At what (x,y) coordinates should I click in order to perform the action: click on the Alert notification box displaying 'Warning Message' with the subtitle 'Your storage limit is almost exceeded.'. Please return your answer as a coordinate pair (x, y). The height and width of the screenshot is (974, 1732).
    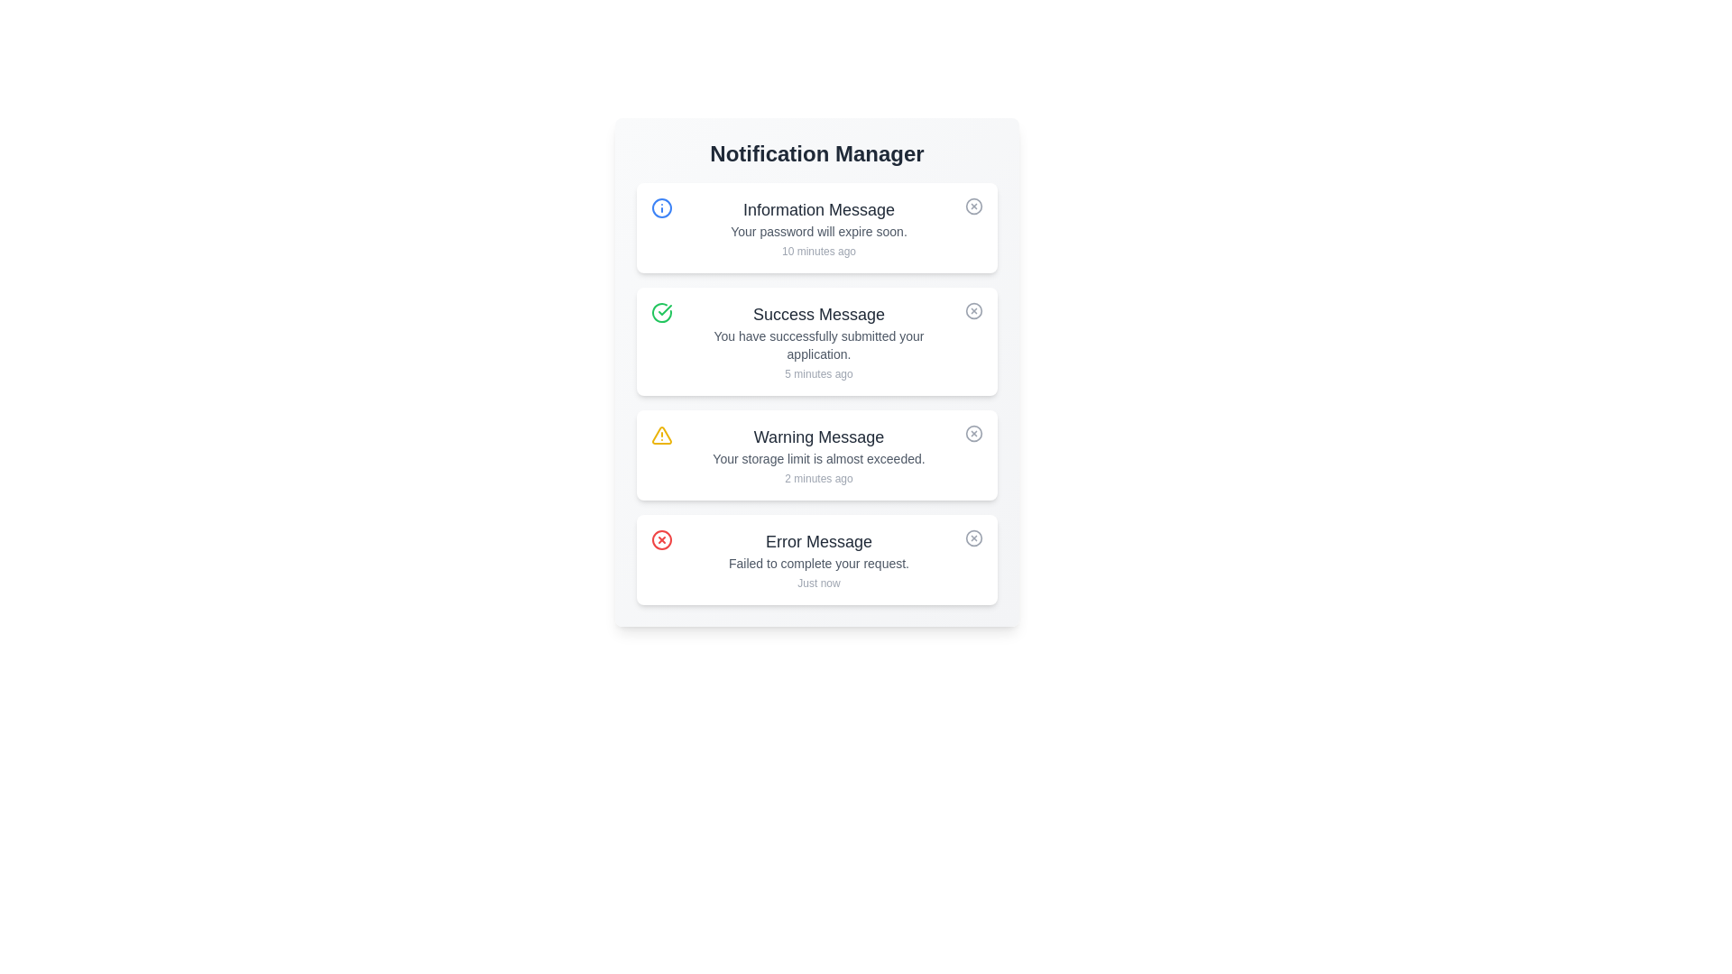
    Looking at the image, I should click on (817, 455).